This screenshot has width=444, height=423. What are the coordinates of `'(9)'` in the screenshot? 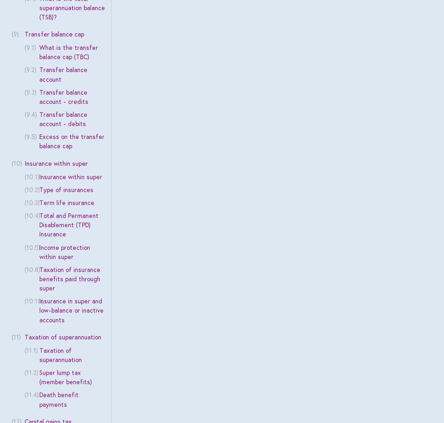 It's located at (14, 34).